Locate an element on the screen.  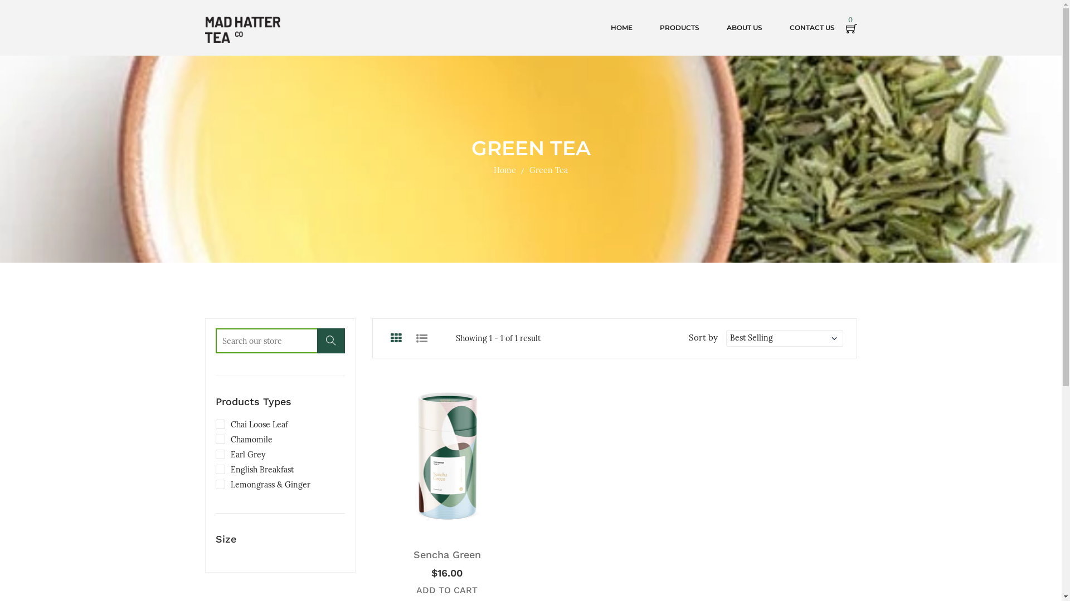
'Lemongrass & Ginger' is located at coordinates (261, 484).